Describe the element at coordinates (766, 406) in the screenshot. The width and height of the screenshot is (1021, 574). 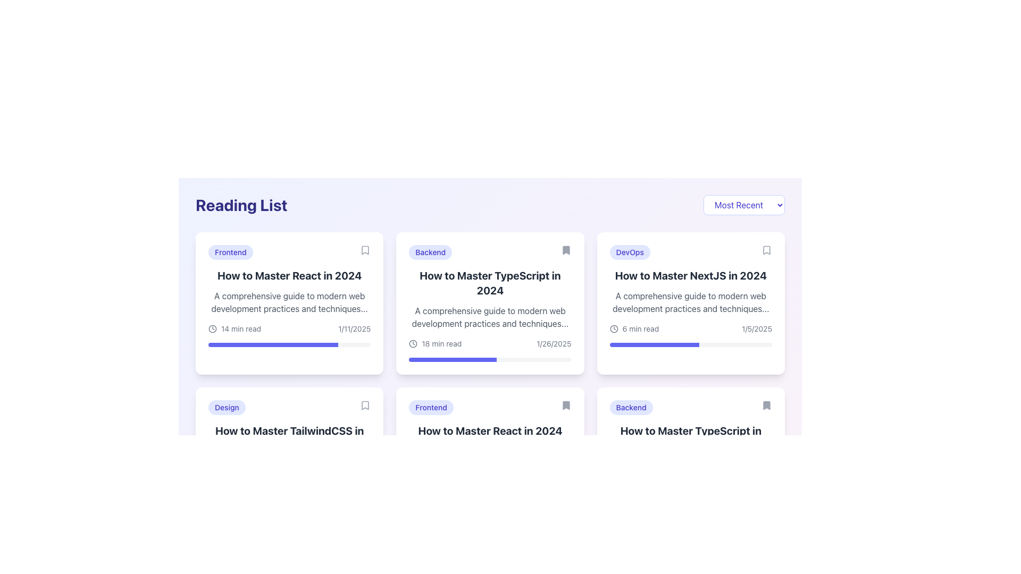
I see `the bookmarking icon located in the top-right corner of the last article card in the second row of the reading list grid` at that location.